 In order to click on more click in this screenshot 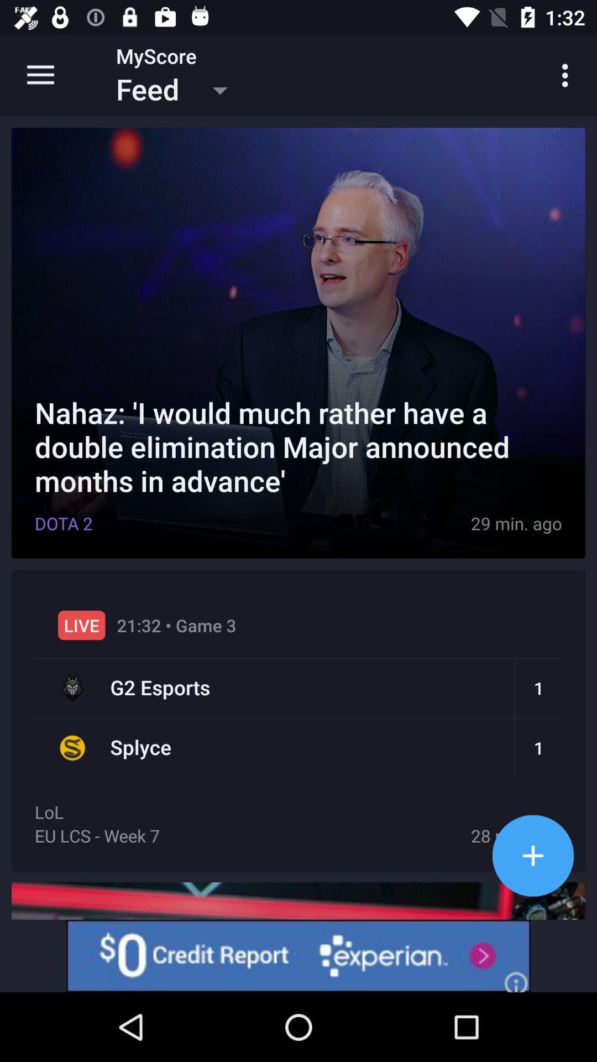, I will do `click(532, 855)`.